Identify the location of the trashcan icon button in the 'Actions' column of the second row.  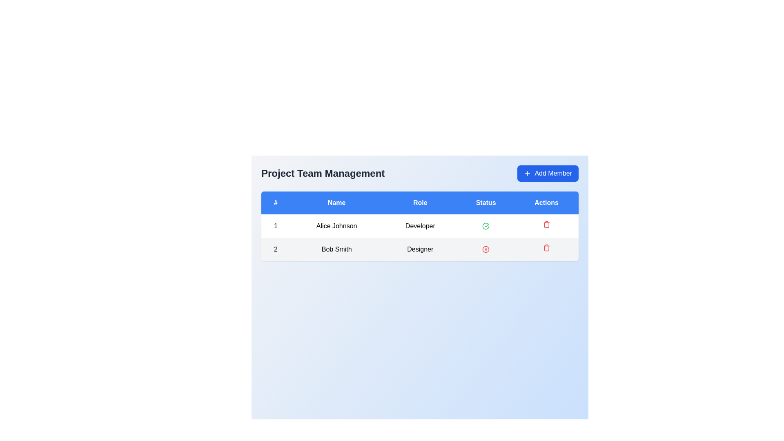
(546, 249).